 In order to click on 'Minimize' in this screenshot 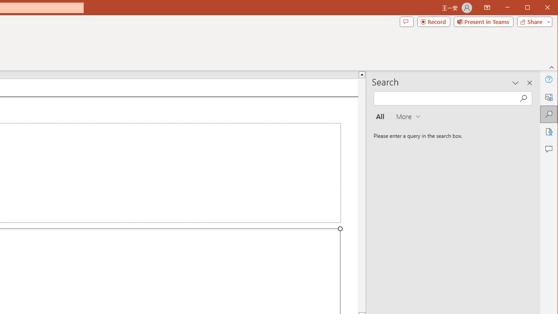, I will do `click(530, 8)`.